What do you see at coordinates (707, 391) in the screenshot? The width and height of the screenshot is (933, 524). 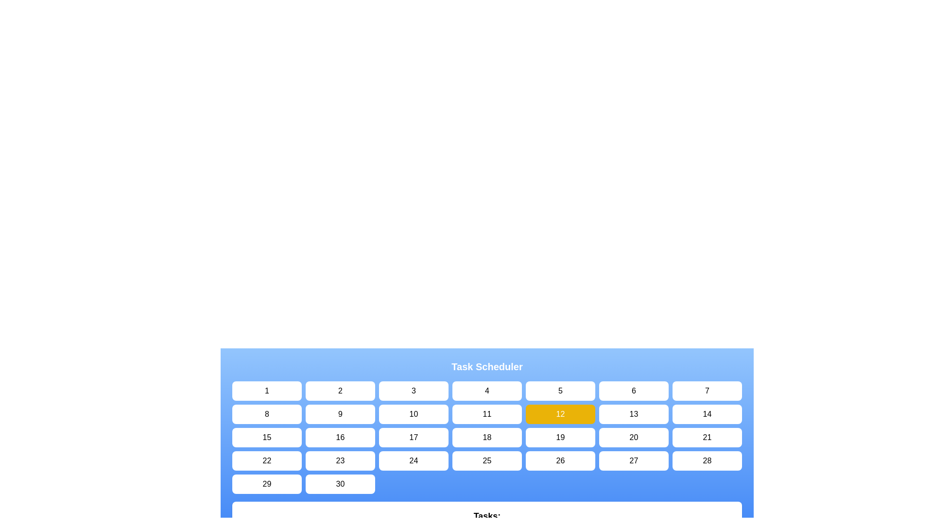 I see `the interactive selector button labeled with the number '7' in the grid layout` at bounding box center [707, 391].